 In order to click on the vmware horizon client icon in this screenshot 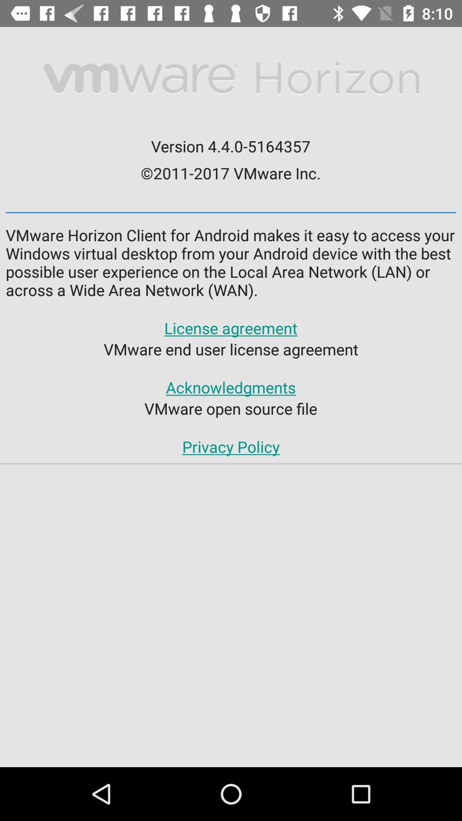, I will do `click(231, 262)`.